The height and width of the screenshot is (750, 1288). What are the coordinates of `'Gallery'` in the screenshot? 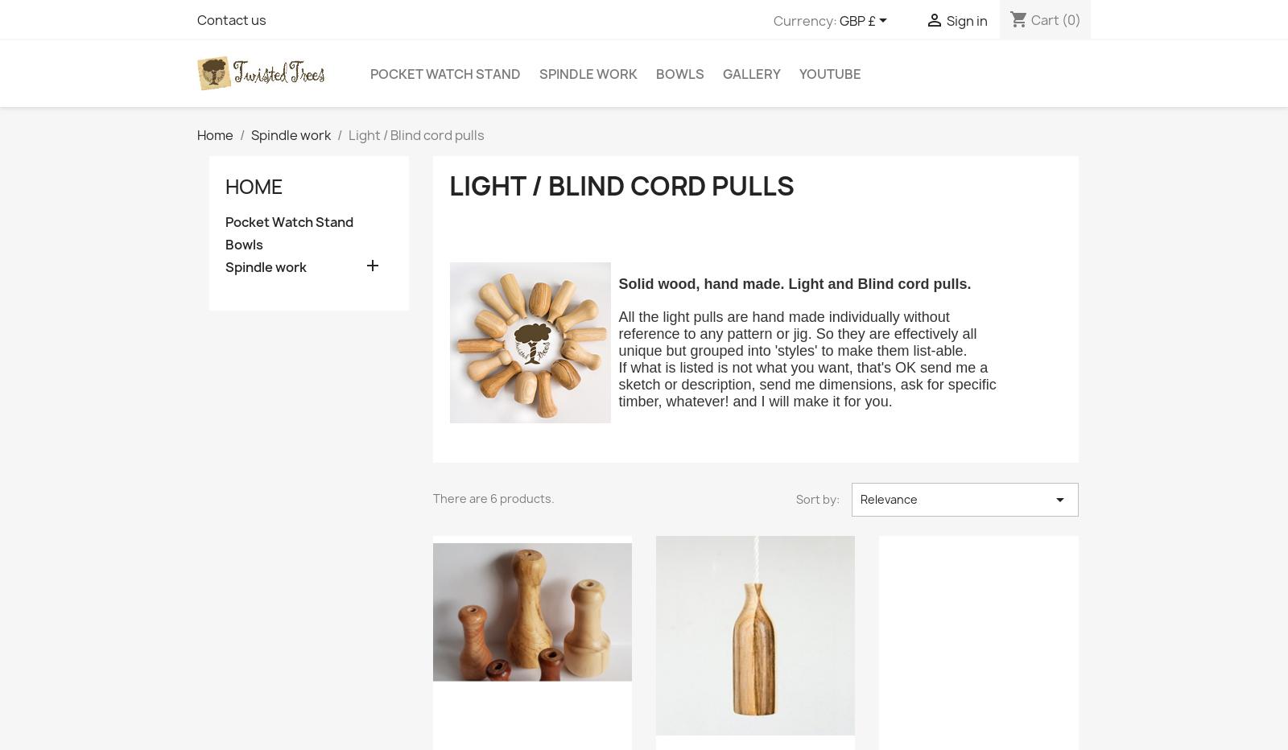 It's located at (750, 72).